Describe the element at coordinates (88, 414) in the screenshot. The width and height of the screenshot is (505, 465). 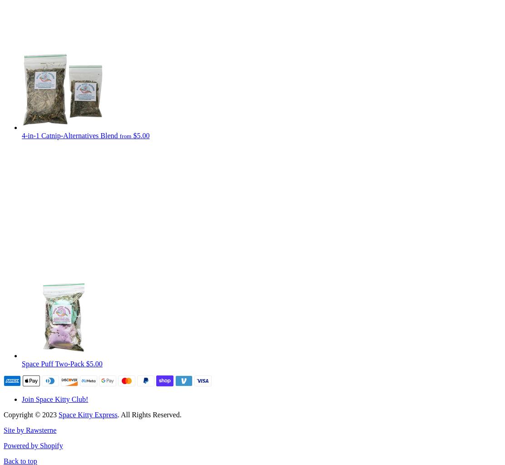
I see `'Space Kitty Express'` at that location.